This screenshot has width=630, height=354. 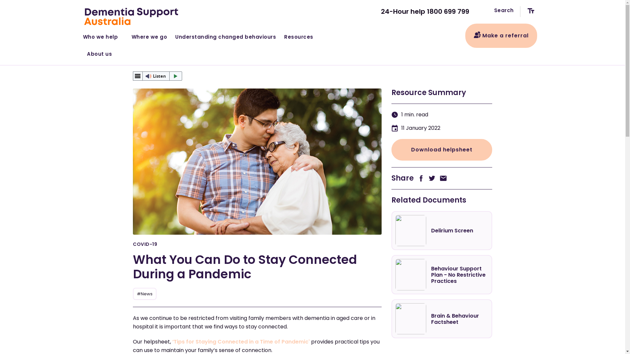 What do you see at coordinates (441, 149) in the screenshot?
I see `'Download helpsheet'` at bounding box center [441, 149].